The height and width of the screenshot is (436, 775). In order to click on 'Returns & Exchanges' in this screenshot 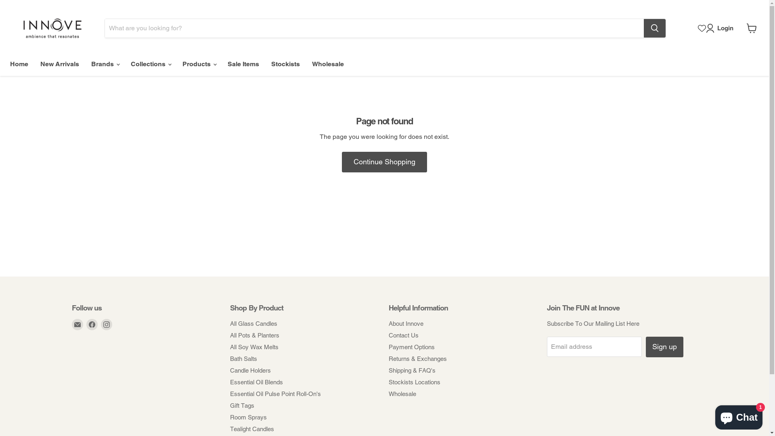, I will do `click(417, 358)`.